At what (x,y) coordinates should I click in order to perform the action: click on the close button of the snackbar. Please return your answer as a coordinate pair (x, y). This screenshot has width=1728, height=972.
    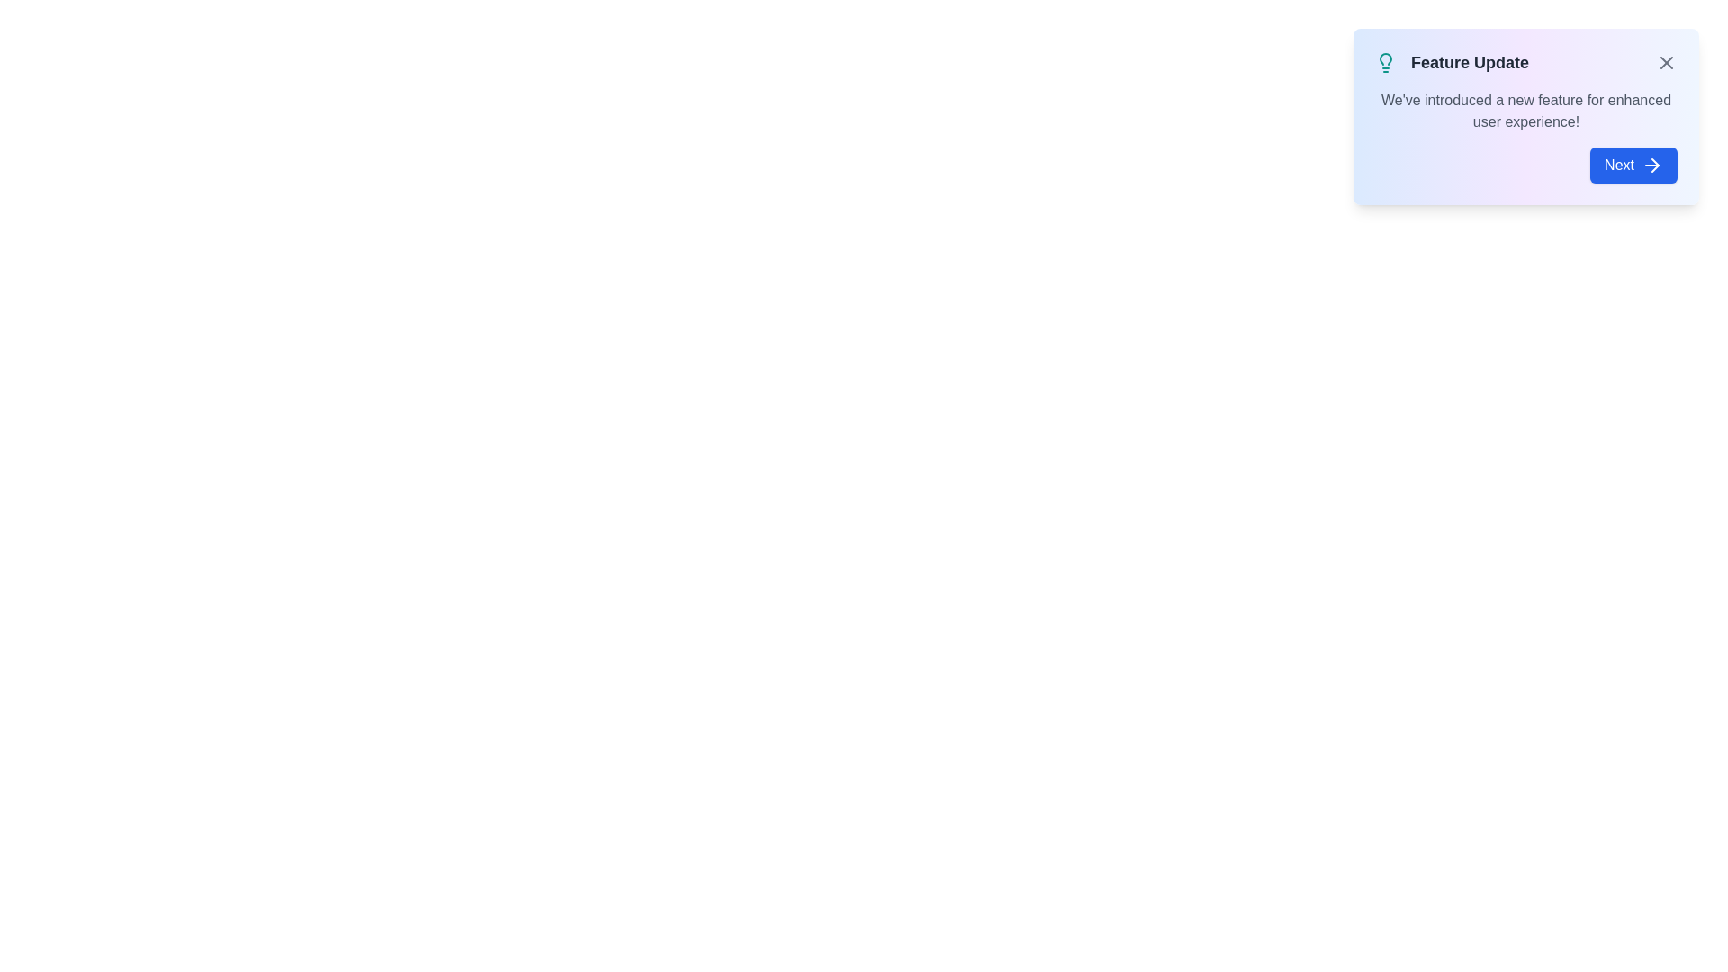
    Looking at the image, I should click on (1666, 61).